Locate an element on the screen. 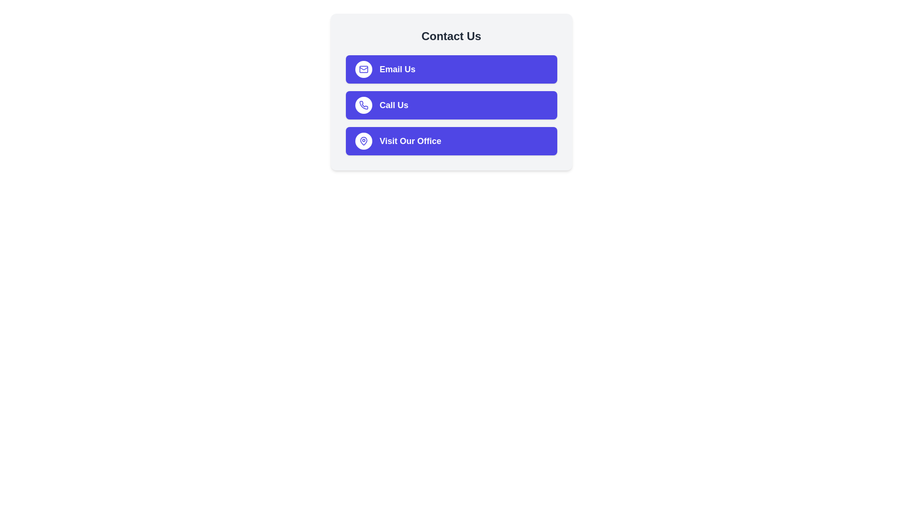 Image resolution: width=906 pixels, height=510 pixels. the 'Call Us' icon located to the left of the 'Call Us' text label within the button group to initiate a call is located at coordinates (363, 105).